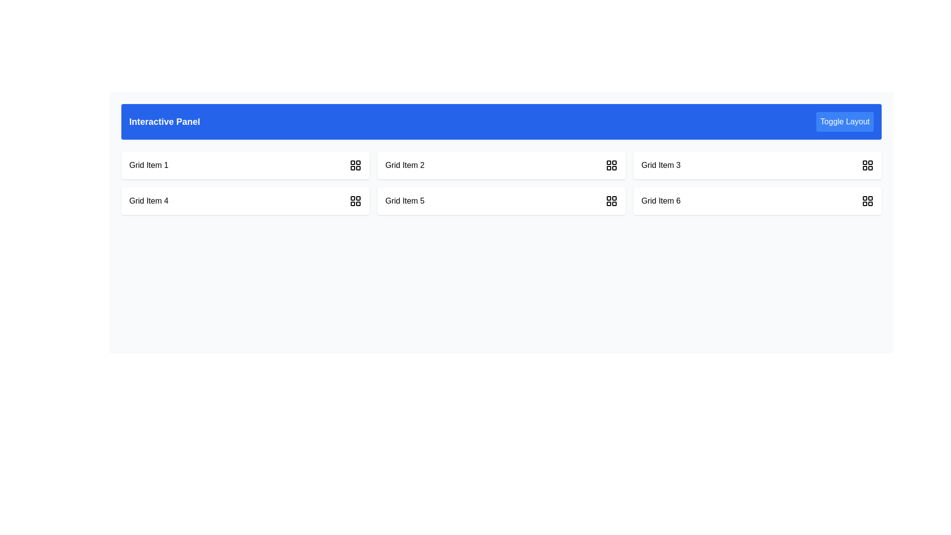 This screenshot has width=951, height=535. I want to click on the bold text label reading 'Interactive Panel' located on the left side of the blue background section at the top of the panel, so click(164, 121).